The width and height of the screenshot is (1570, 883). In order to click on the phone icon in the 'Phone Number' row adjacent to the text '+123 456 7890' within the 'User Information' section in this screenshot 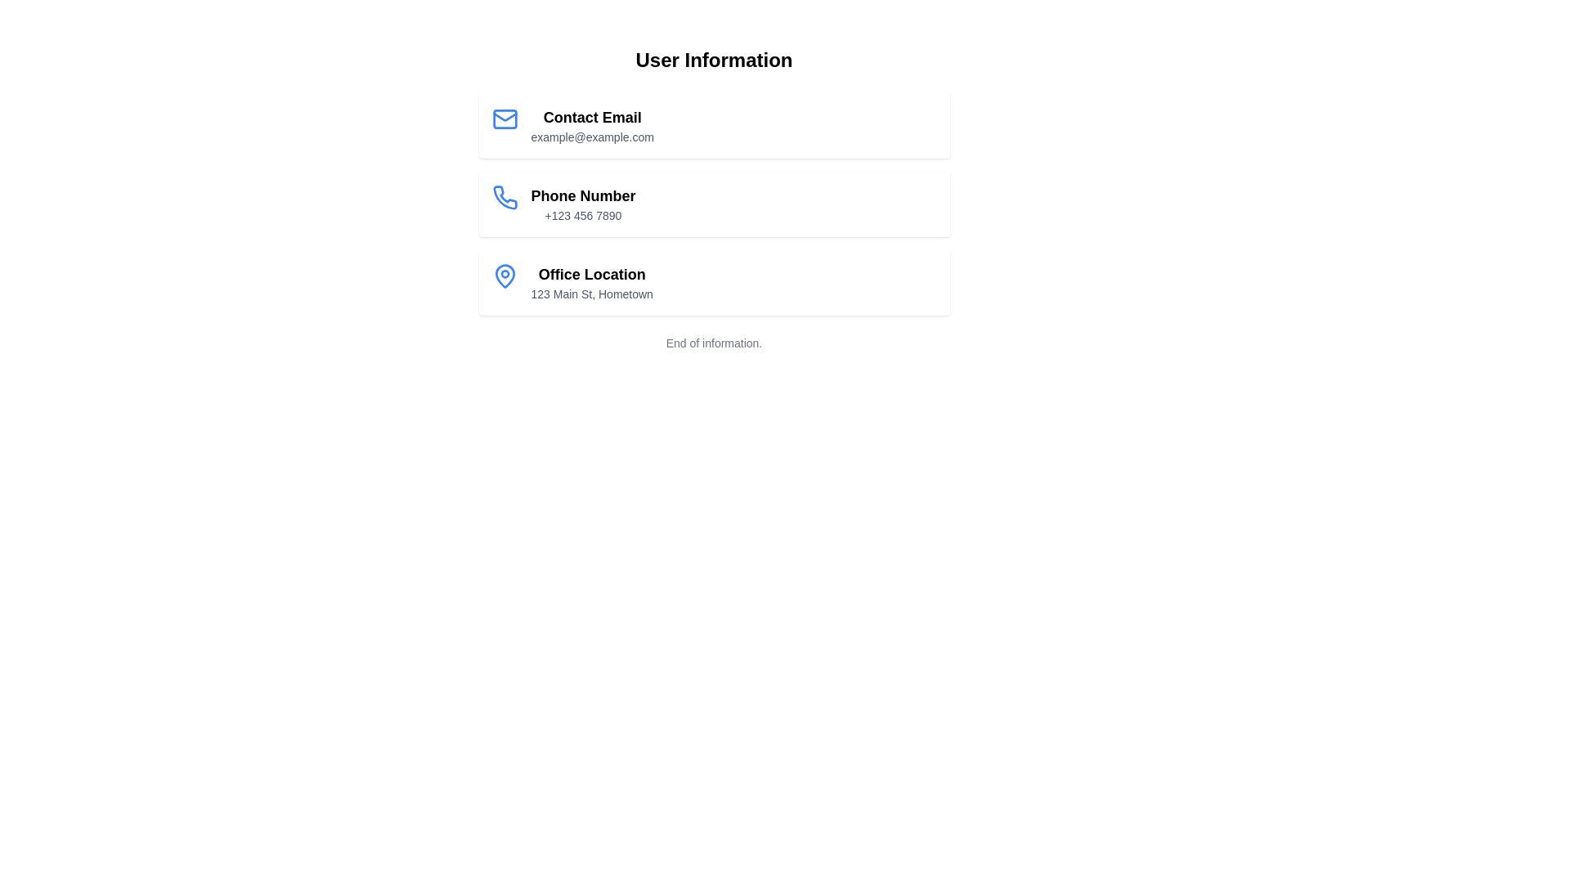, I will do `click(504, 196)`.